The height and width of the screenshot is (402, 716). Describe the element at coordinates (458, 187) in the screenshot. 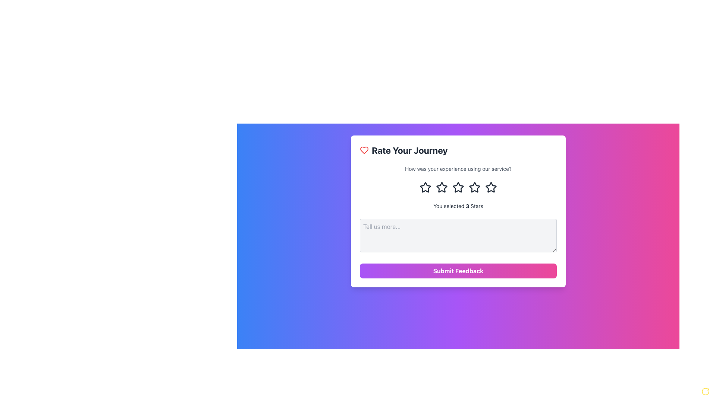

I see `the third star in the rating selection row to indicate a selection of three stars as feedback` at that location.